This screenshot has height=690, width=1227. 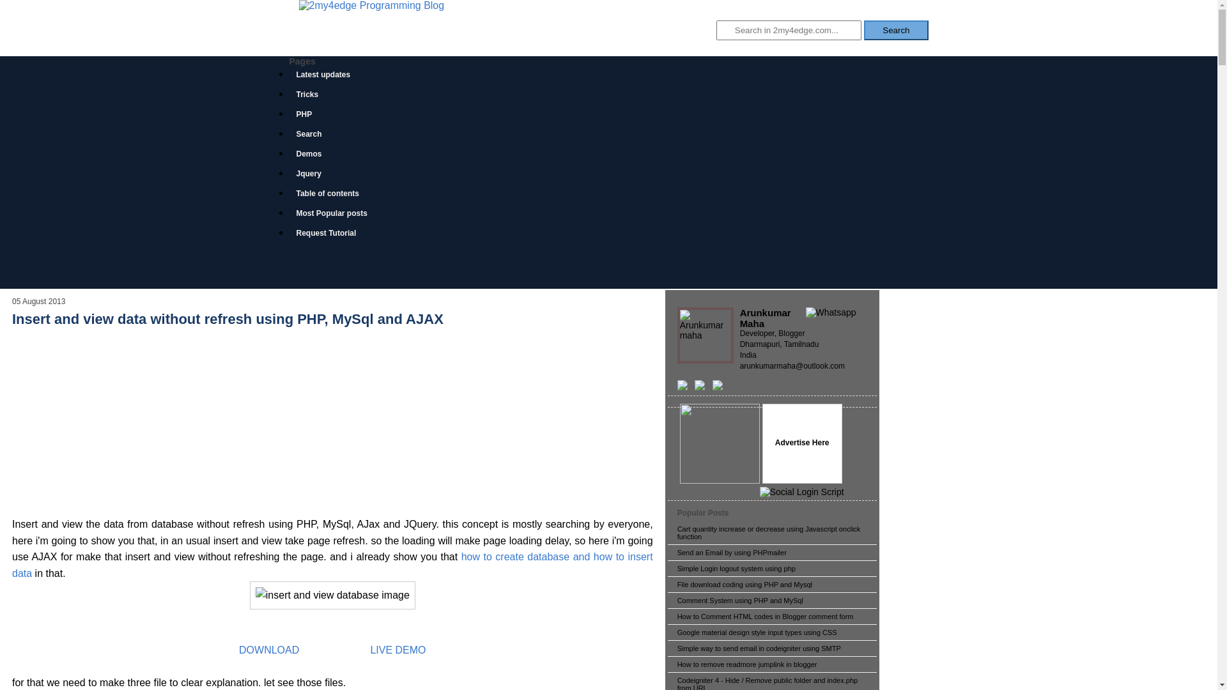 What do you see at coordinates (288, 195) in the screenshot?
I see `'Table of contents'` at bounding box center [288, 195].